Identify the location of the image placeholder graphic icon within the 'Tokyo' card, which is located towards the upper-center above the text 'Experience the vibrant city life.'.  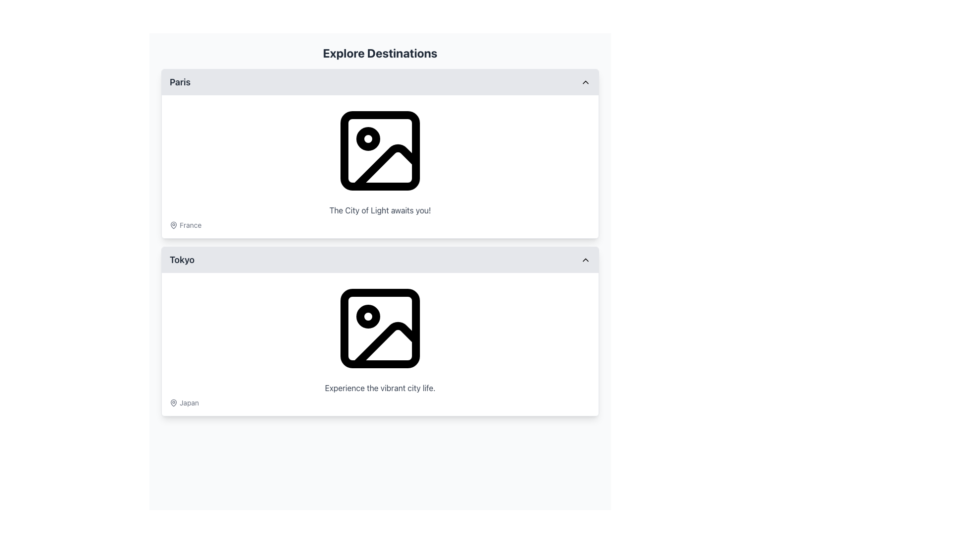
(380, 329).